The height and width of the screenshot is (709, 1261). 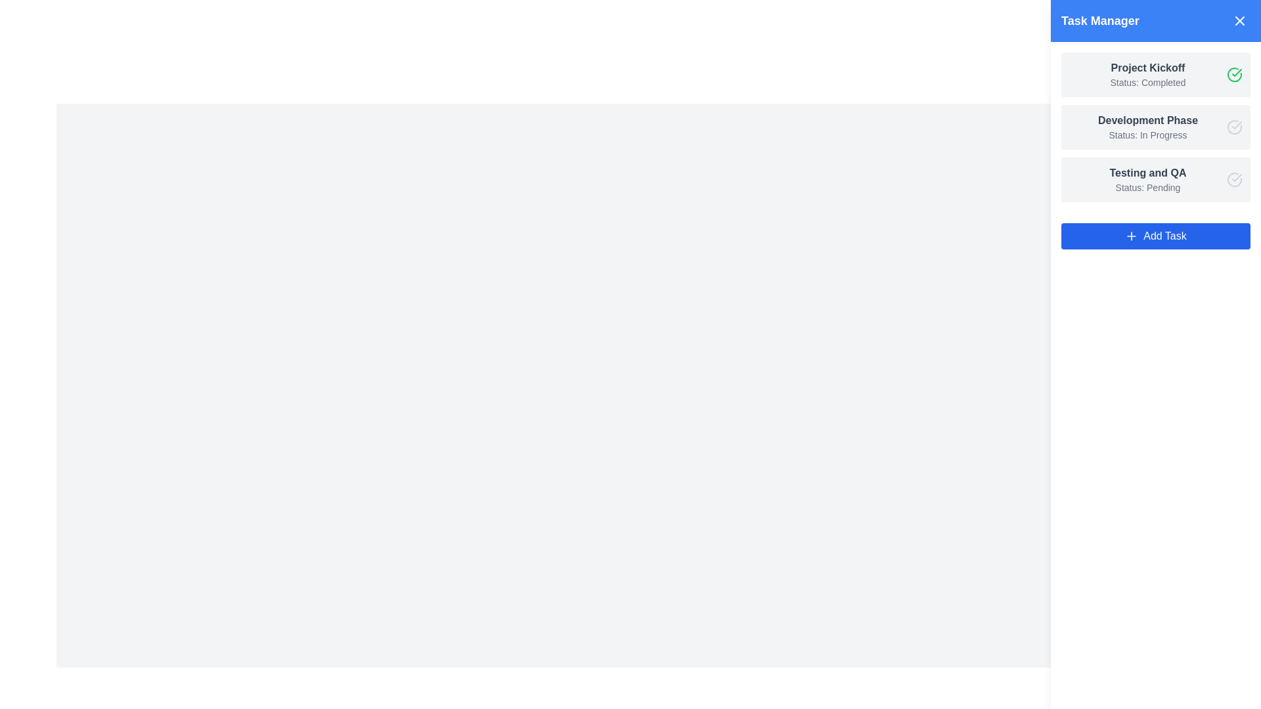 What do you see at coordinates (1147, 127) in the screenshot?
I see `the information displayed in the Text Display section titled 'Development Phase' that shows 'Status: In Progress'` at bounding box center [1147, 127].